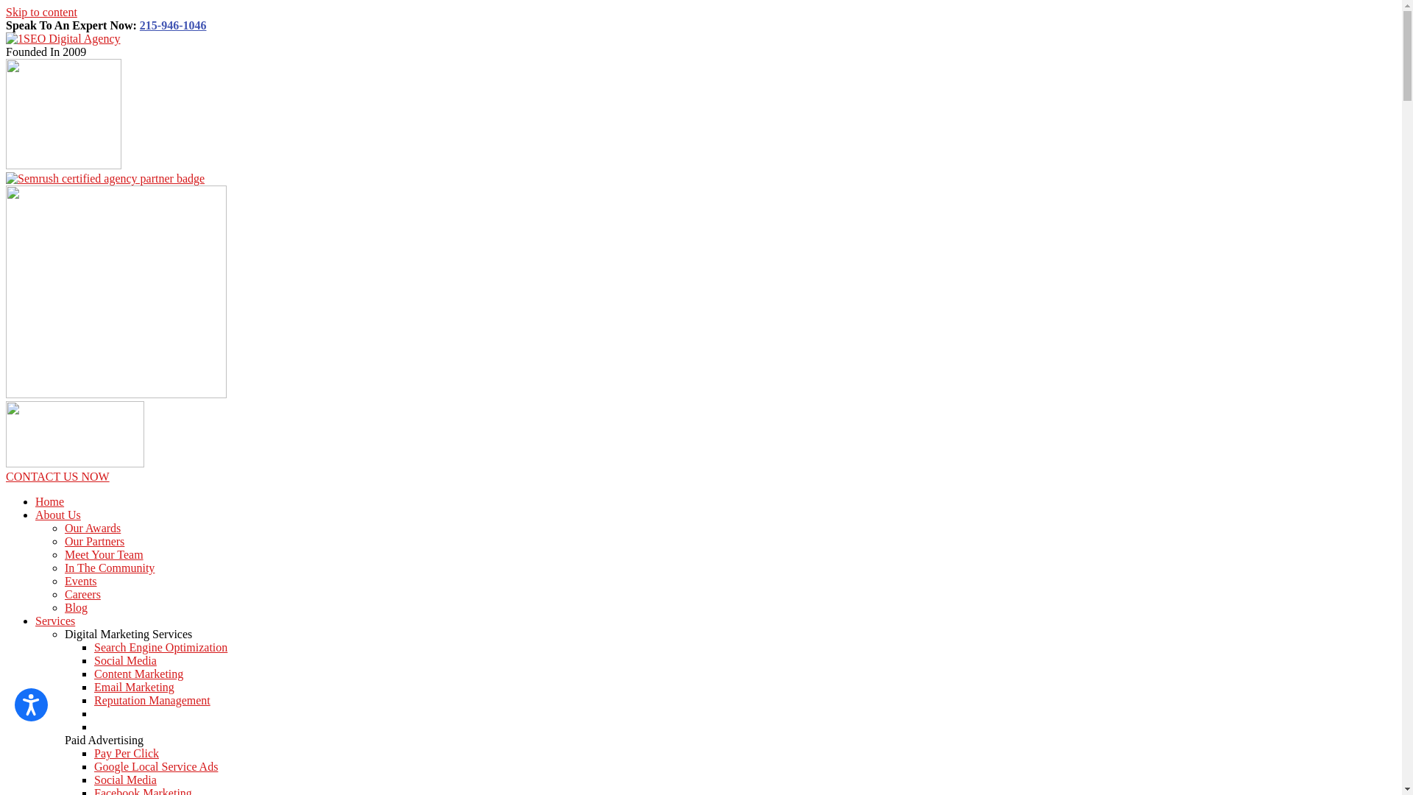 The width and height of the screenshot is (1413, 795). I want to click on 'Pay Per Click', so click(93, 753).